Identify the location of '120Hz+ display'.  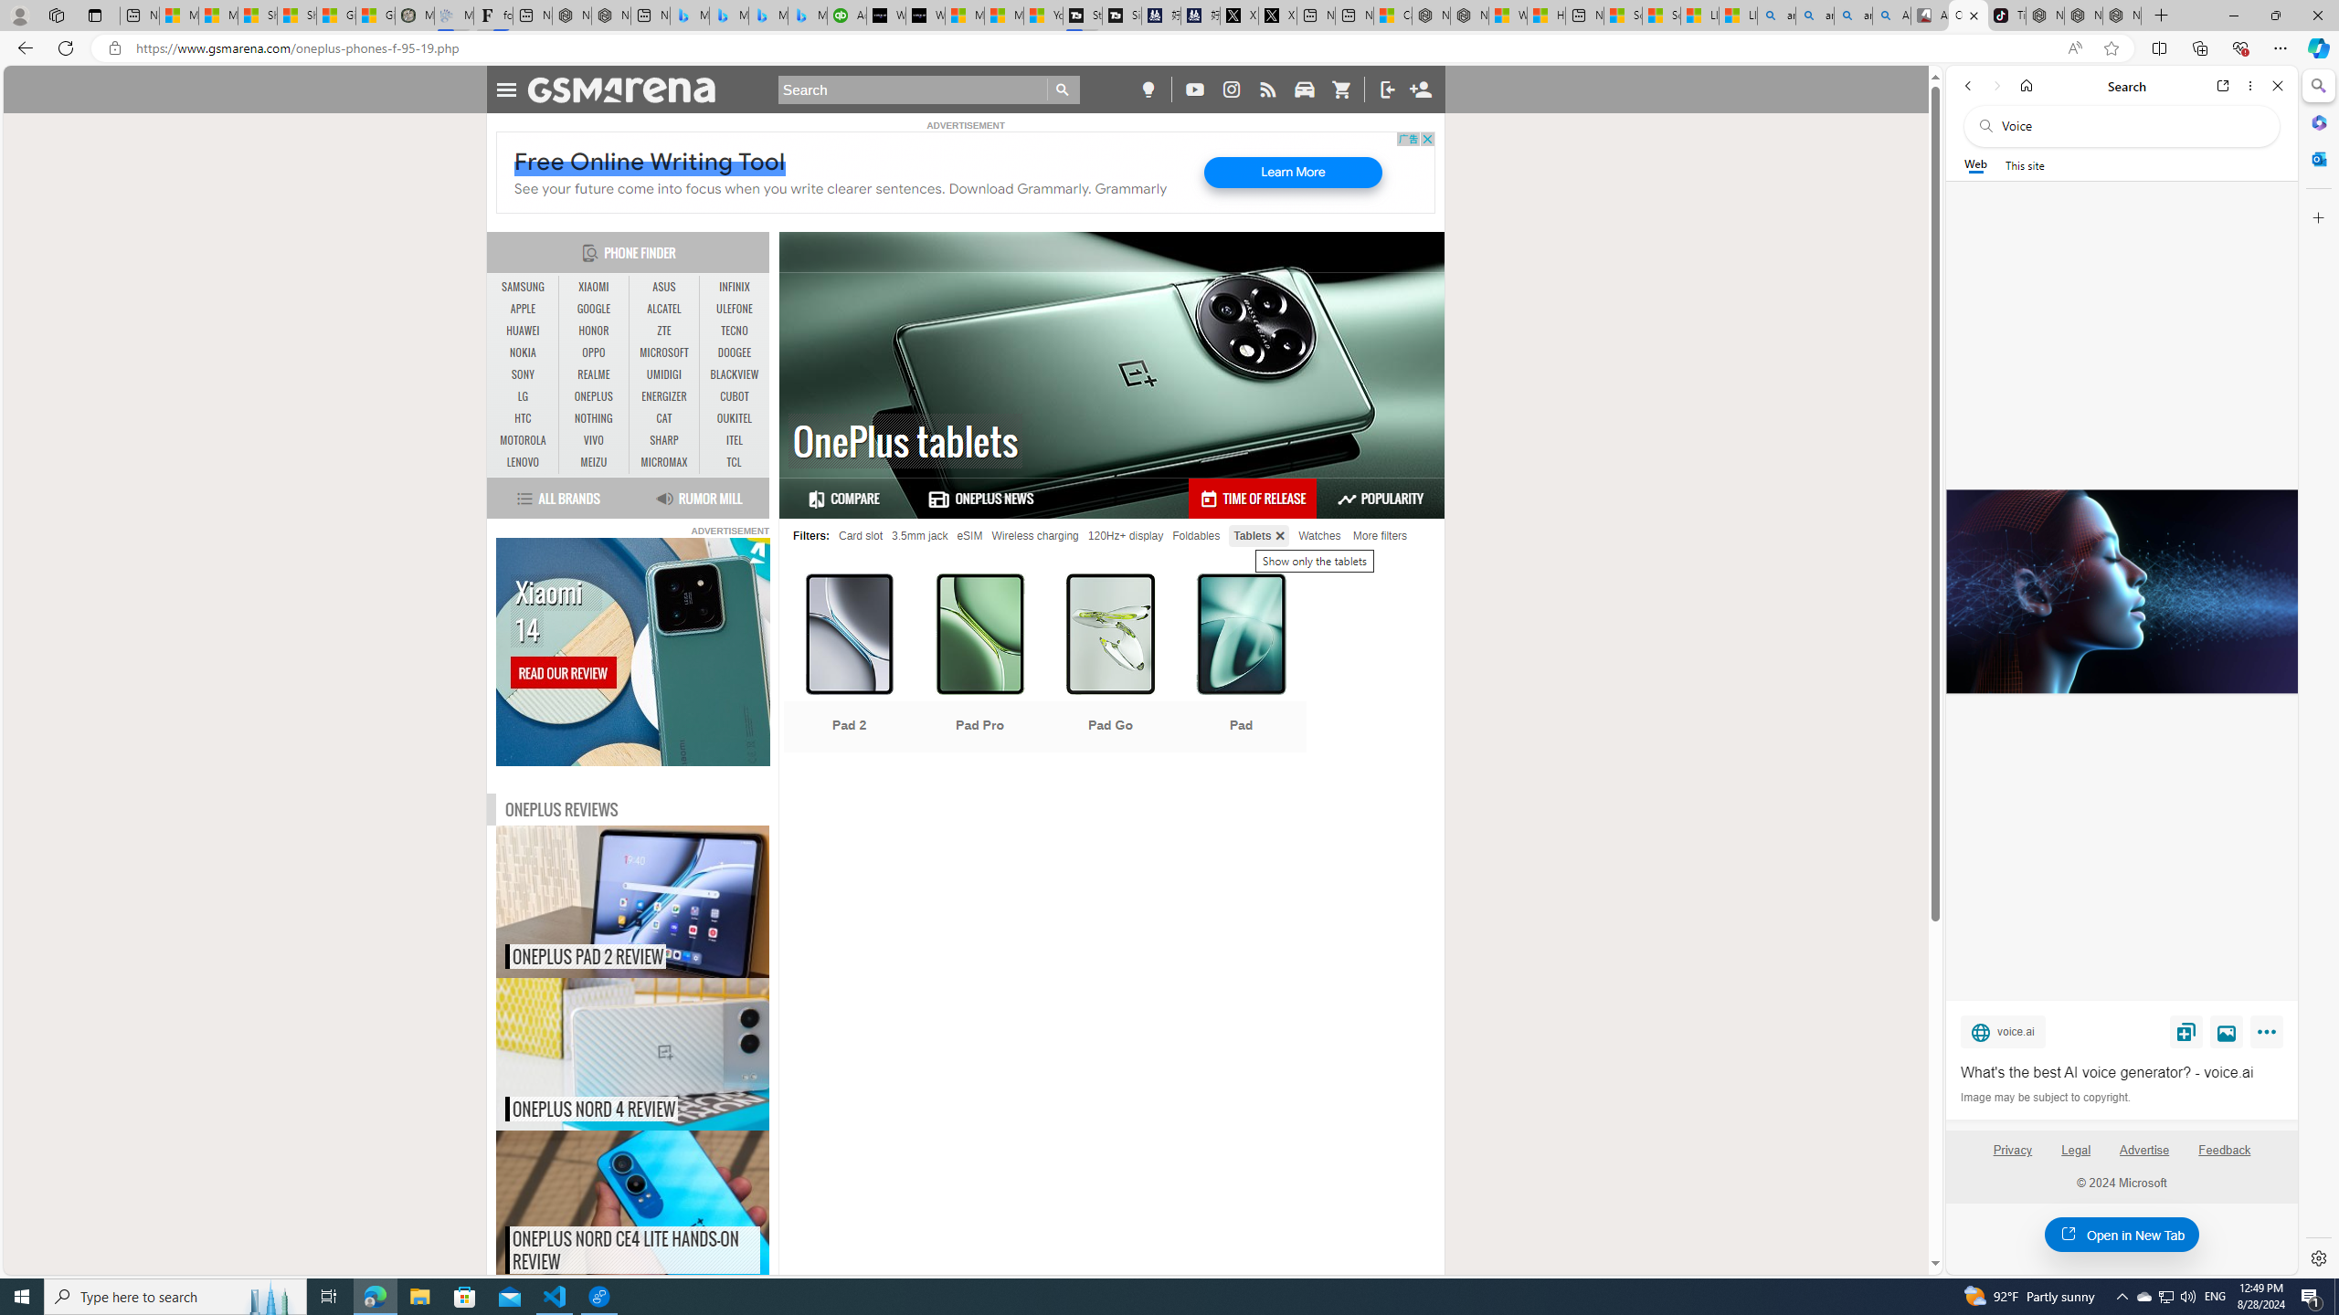
(1125, 534).